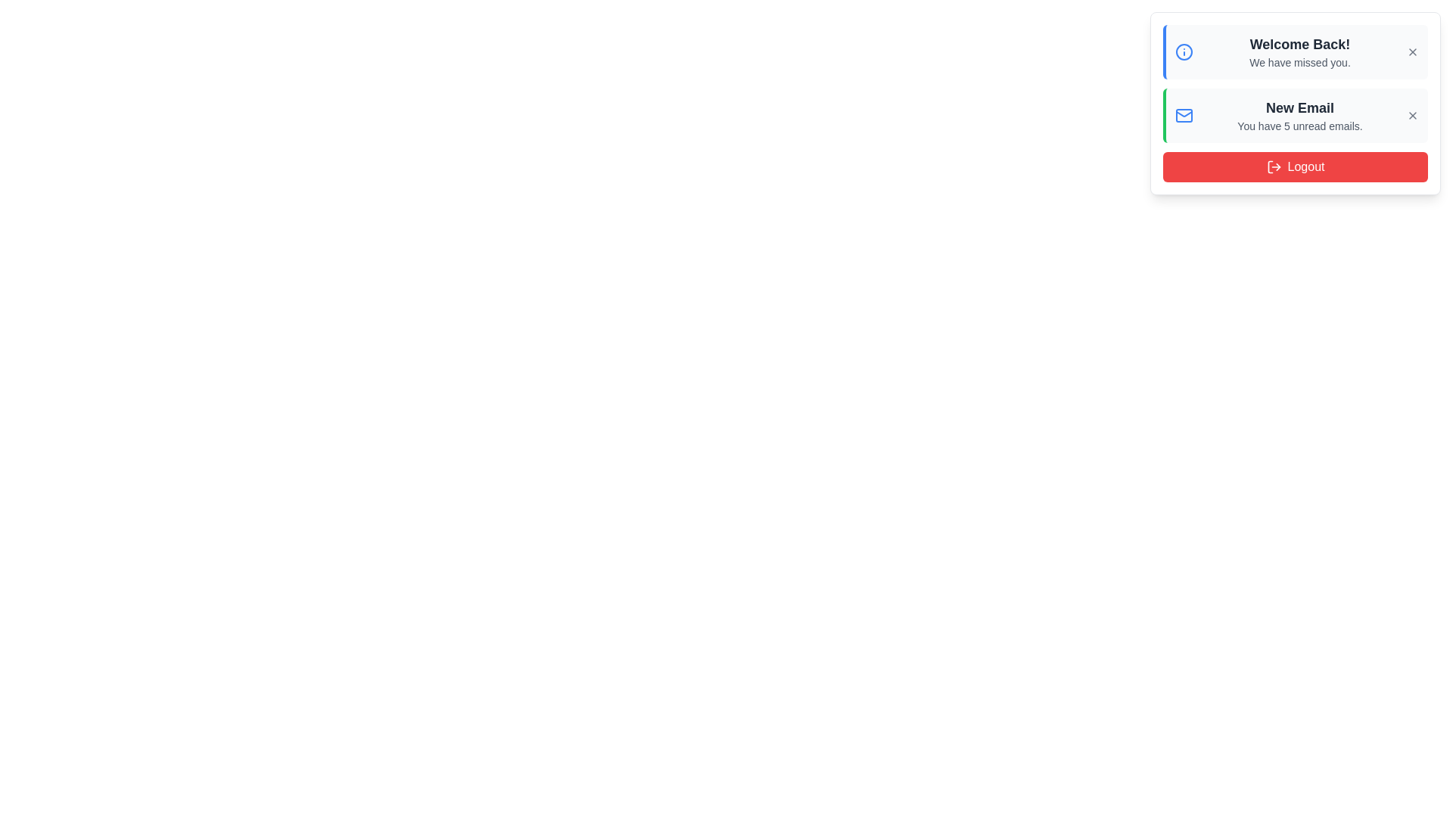 Image resolution: width=1453 pixels, height=817 pixels. I want to click on heading and description of the notification message displaying 'New Email' and 'You have 5 unread emails.', so click(1299, 115).